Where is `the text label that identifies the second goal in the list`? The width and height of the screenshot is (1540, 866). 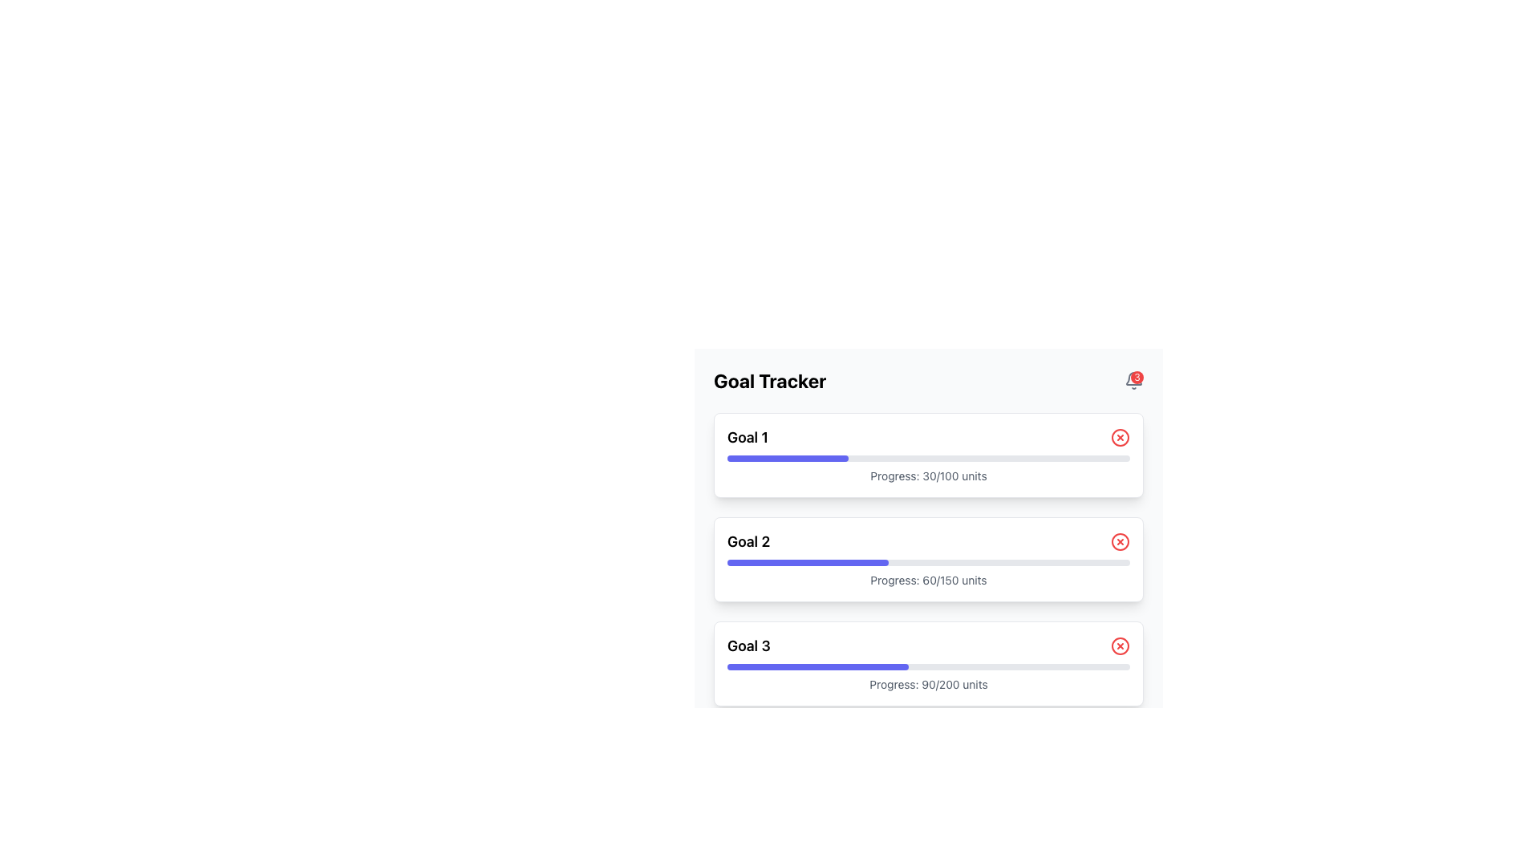 the text label that identifies the second goal in the list is located at coordinates (748, 541).